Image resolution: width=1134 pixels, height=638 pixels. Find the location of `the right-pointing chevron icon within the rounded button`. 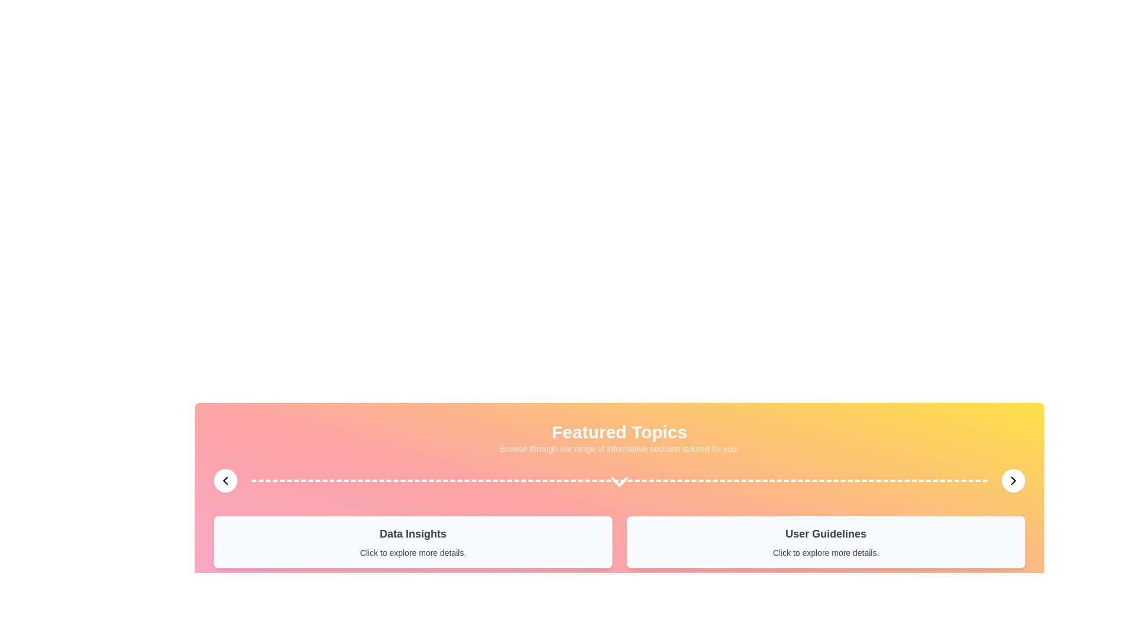

the right-pointing chevron icon within the rounded button is located at coordinates (1013, 480).